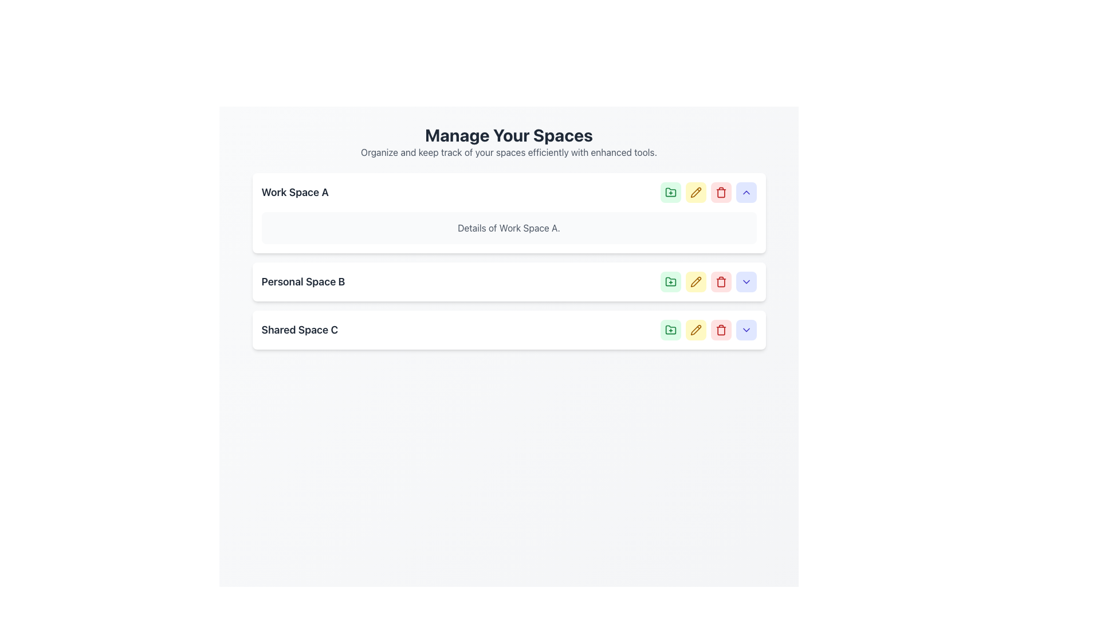 The image size is (1100, 619). What do you see at coordinates (695, 282) in the screenshot?
I see `the edit icon located in the second workspace row labeled 'Personal Space B' to initiate edit mode for the related workspace` at bounding box center [695, 282].